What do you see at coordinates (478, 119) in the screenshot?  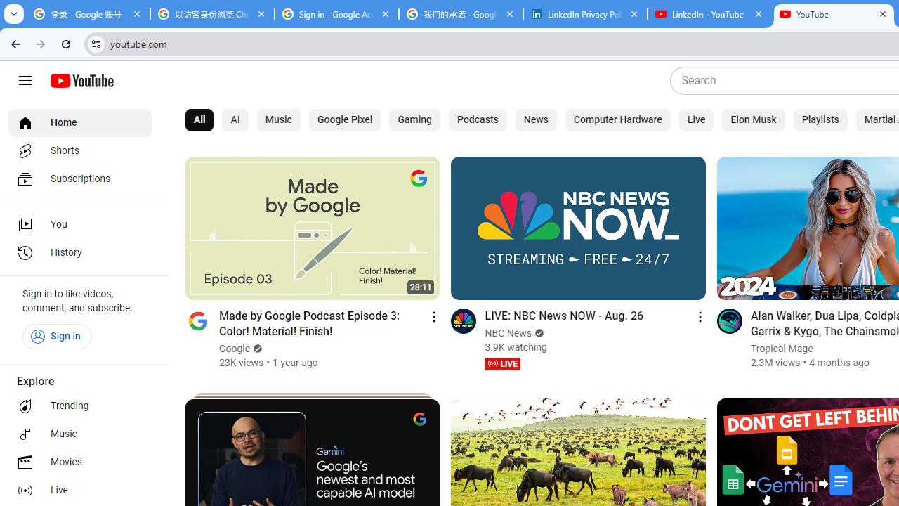 I see `'Podcasts'` at bounding box center [478, 119].